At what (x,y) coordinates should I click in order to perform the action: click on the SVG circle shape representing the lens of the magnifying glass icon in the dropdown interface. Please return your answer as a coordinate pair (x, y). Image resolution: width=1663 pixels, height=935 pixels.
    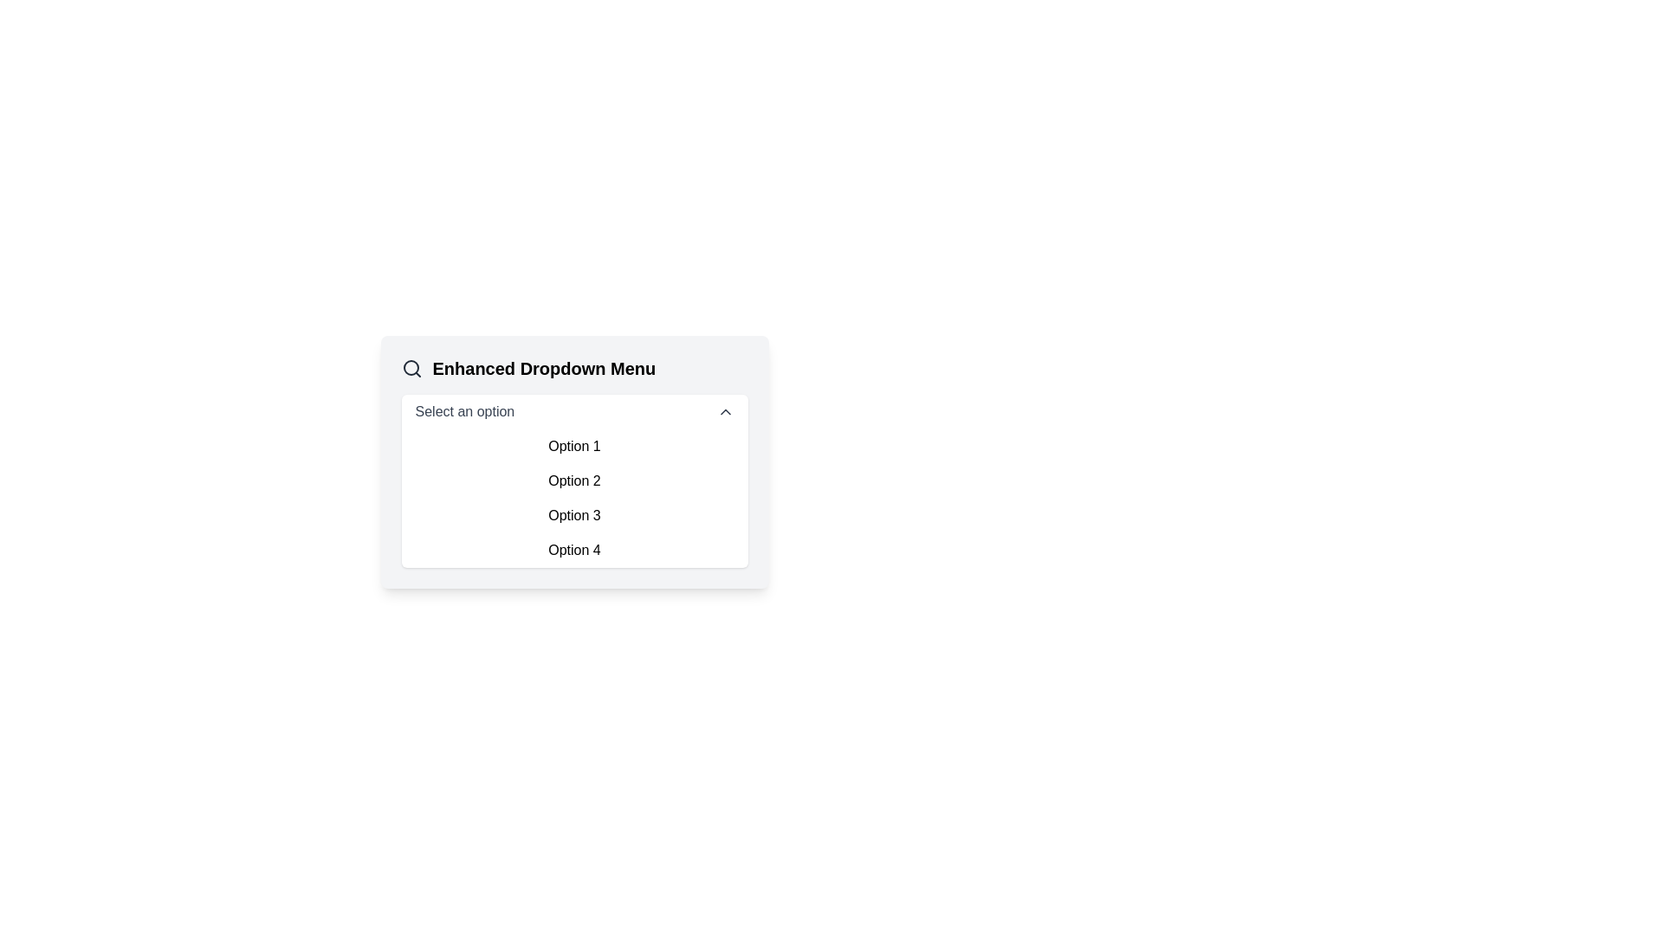
    Looking at the image, I should click on (410, 366).